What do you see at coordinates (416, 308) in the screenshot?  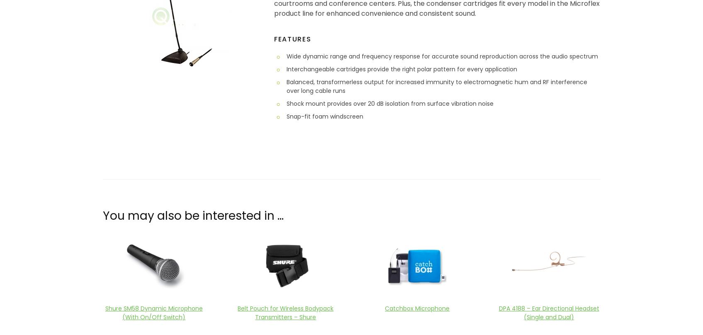 I see `'Catchbox Microphone'` at bounding box center [416, 308].